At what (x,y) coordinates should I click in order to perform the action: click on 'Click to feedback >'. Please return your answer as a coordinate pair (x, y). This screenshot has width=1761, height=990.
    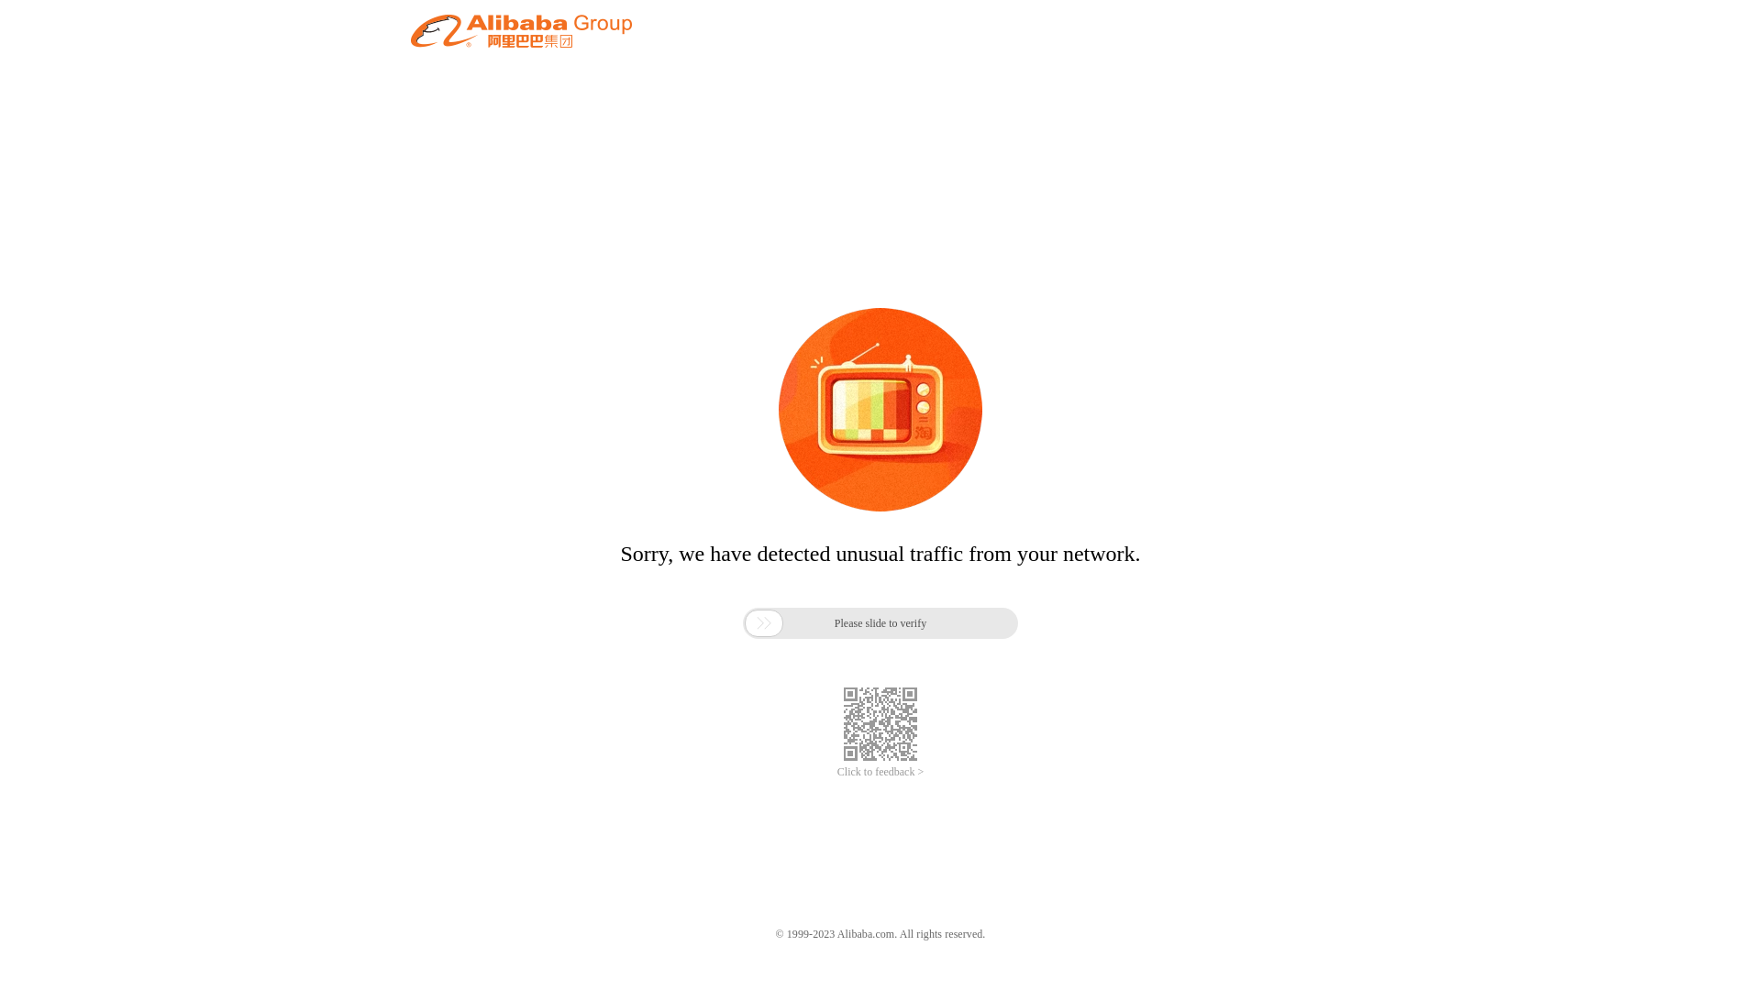
    Looking at the image, I should click on (836, 772).